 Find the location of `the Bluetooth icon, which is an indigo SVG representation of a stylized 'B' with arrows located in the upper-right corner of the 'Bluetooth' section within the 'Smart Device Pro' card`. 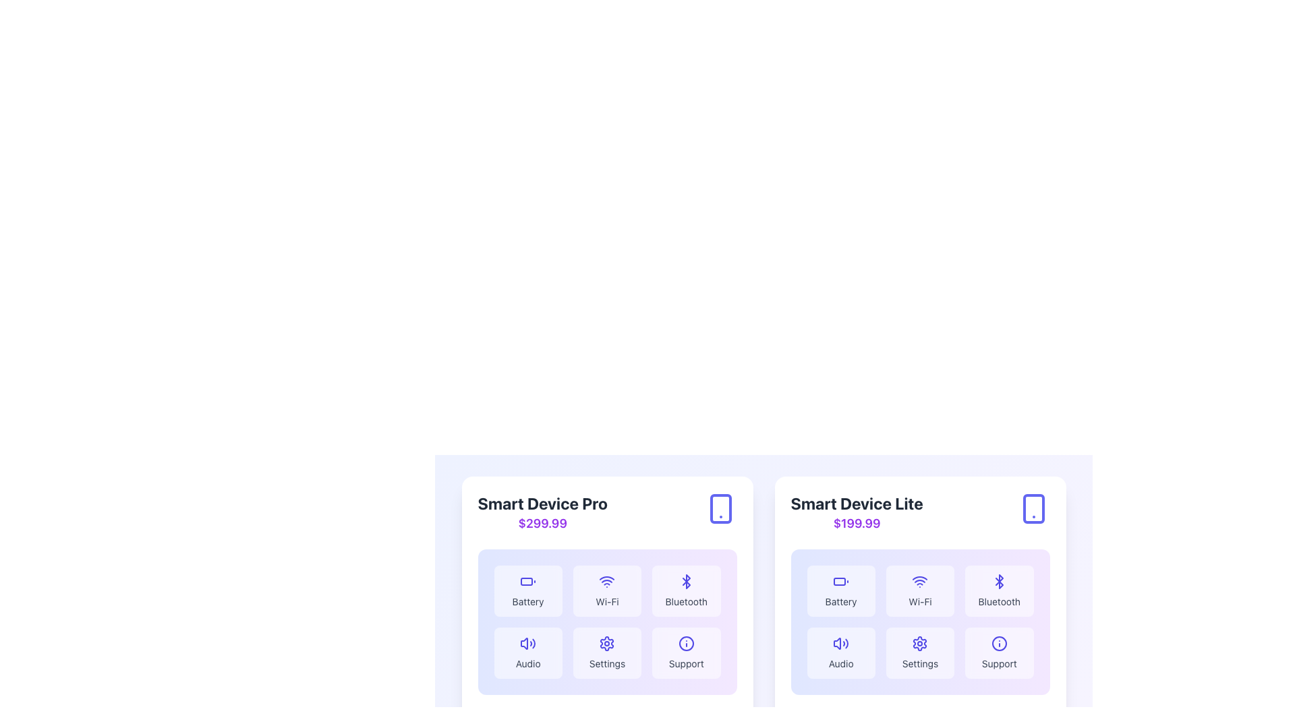

the Bluetooth icon, which is an indigo SVG representation of a stylized 'B' with arrows located in the upper-right corner of the 'Bluetooth' section within the 'Smart Device Pro' card is located at coordinates (686, 581).